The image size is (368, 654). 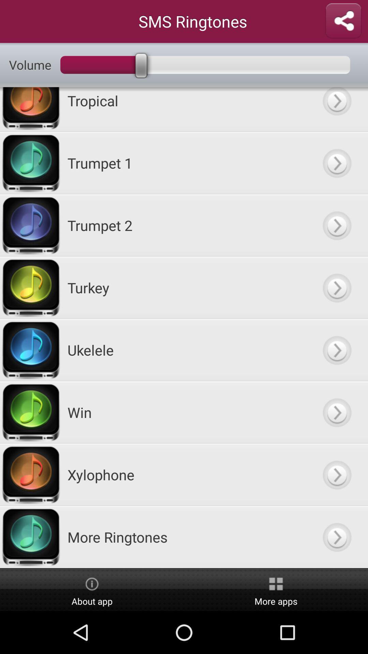 I want to click on play, so click(x=336, y=225).